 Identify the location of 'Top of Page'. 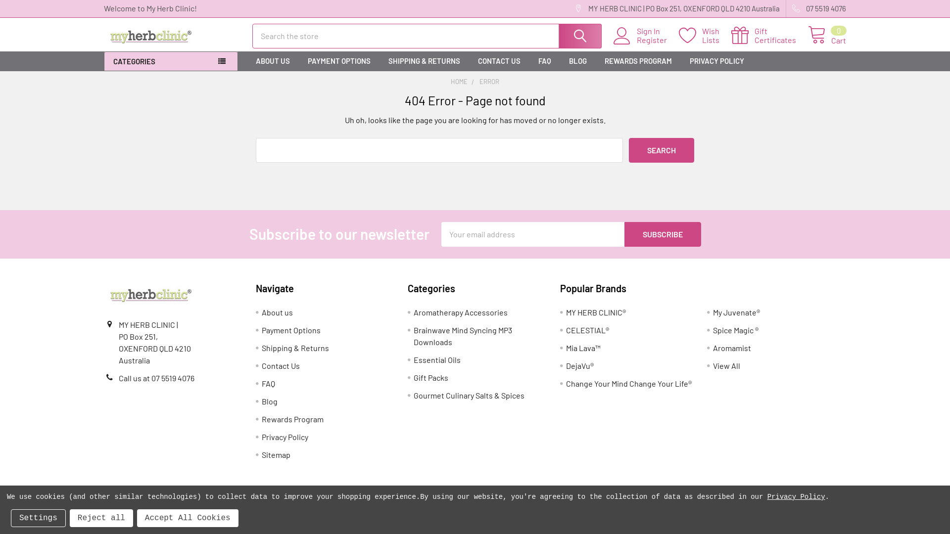
(932, 475).